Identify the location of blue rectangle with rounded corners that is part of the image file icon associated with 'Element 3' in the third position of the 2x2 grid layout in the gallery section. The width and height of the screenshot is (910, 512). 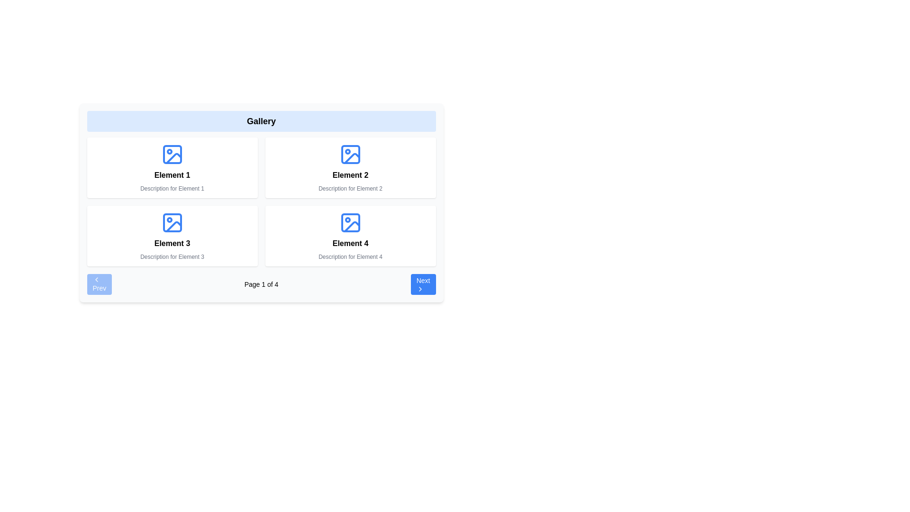
(172, 223).